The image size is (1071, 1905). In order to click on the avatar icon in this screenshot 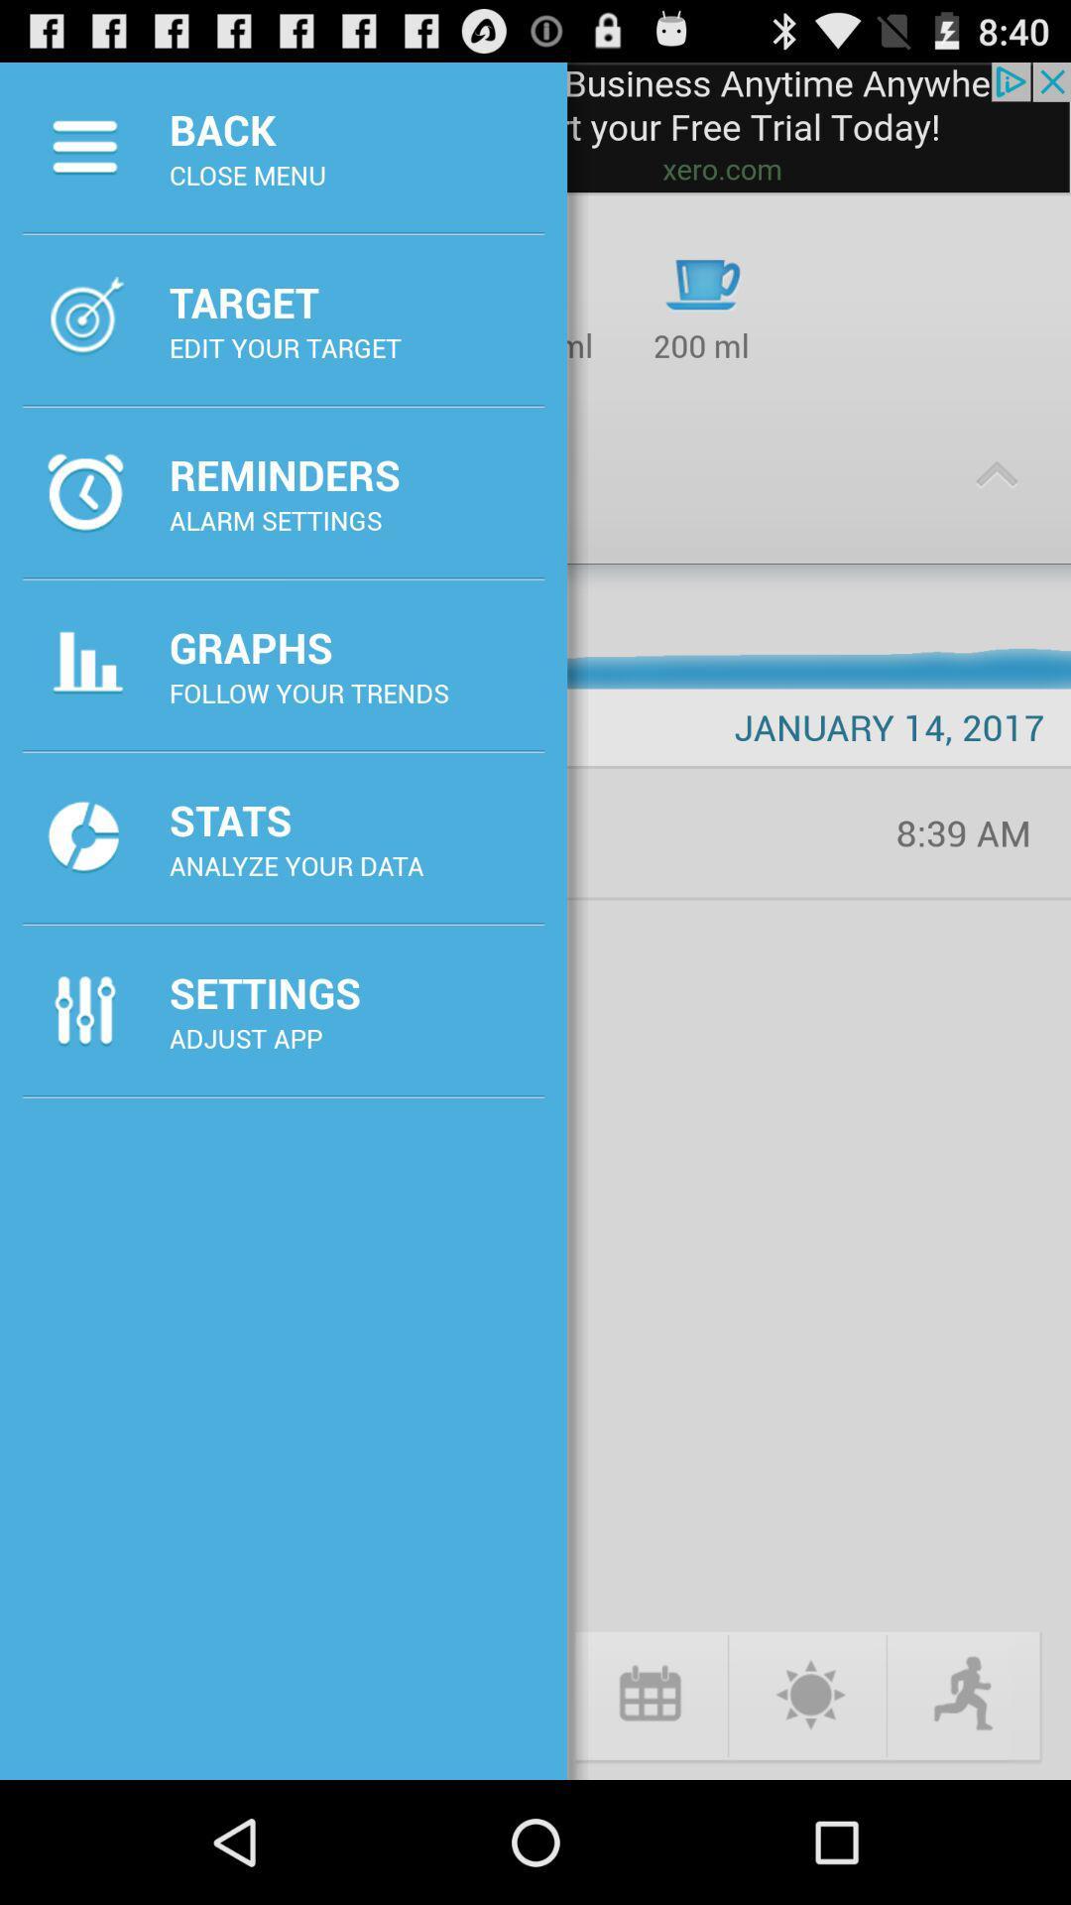, I will do `click(965, 1812)`.